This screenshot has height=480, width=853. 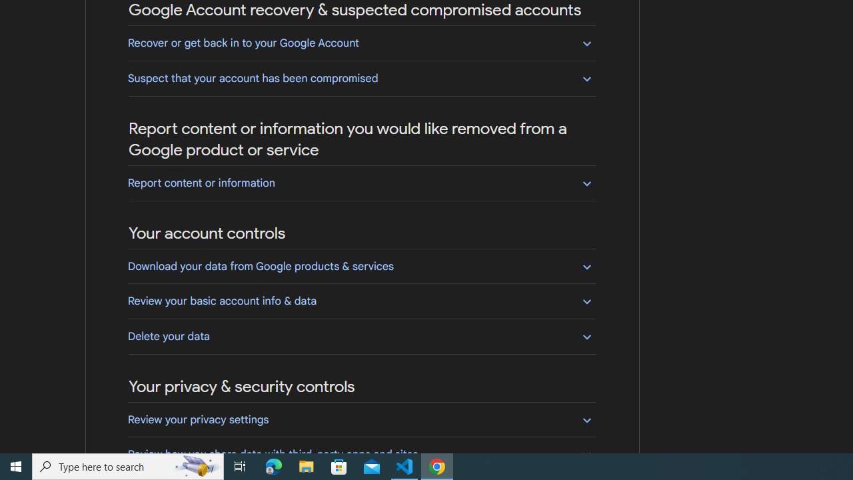 What do you see at coordinates (361, 78) in the screenshot?
I see `'Suspect that your account has been compromised'` at bounding box center [361, 78].